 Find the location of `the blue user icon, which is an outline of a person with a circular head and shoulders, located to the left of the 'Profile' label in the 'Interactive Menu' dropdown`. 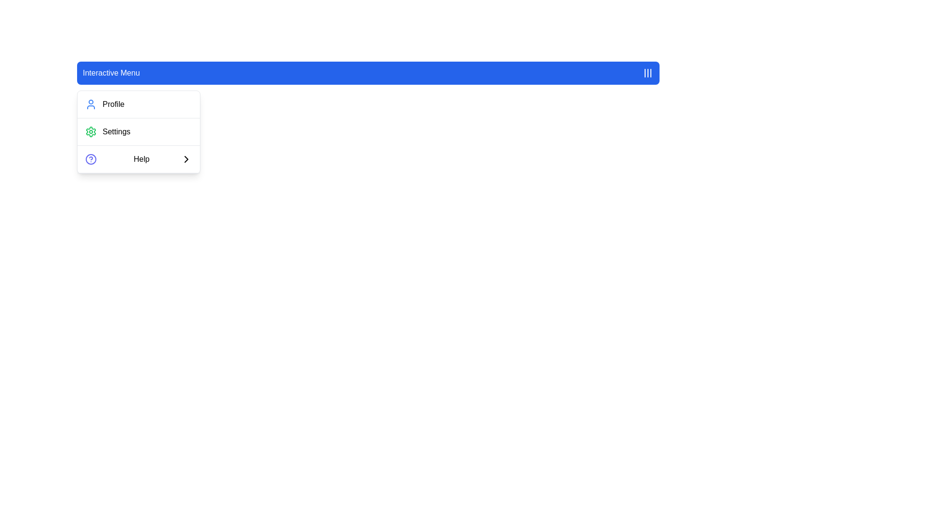

the blue user icon, which is an outline of a person with a circular head and shoulders, located to the left of the 'Profile' label in the 'Interactive Menu' dropdown is located at coordinates (91, 104).